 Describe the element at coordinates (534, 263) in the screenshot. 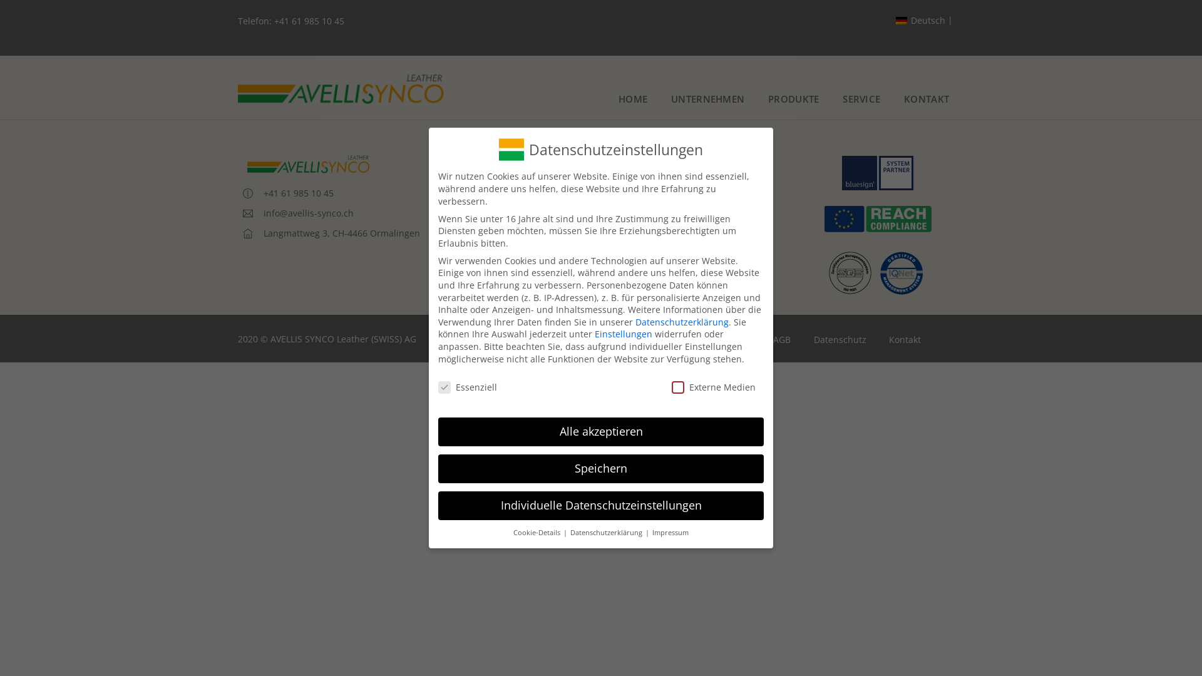

I see `'Kontakt'` at that location.